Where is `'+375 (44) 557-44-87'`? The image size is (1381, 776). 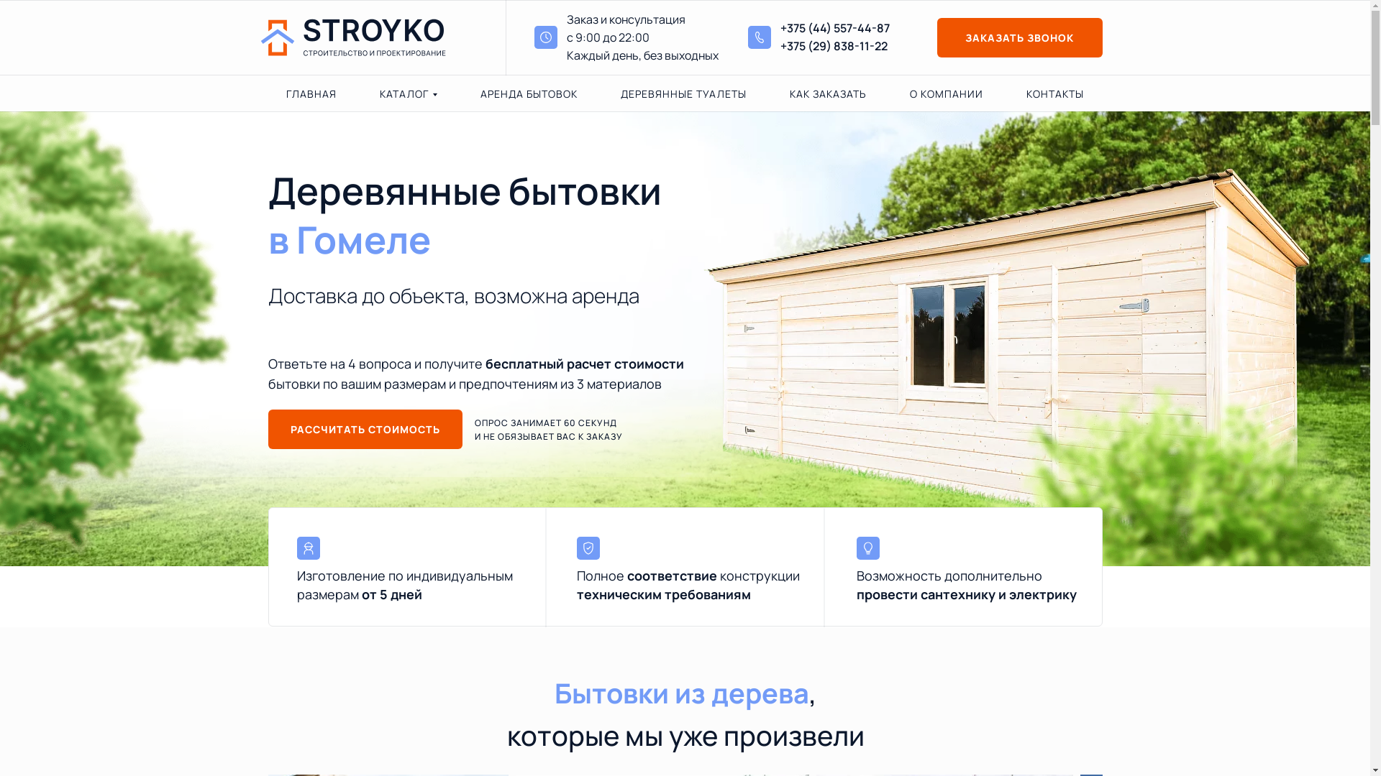 '+375 (44) 557-44-87' is located at coordinates (779, 27).